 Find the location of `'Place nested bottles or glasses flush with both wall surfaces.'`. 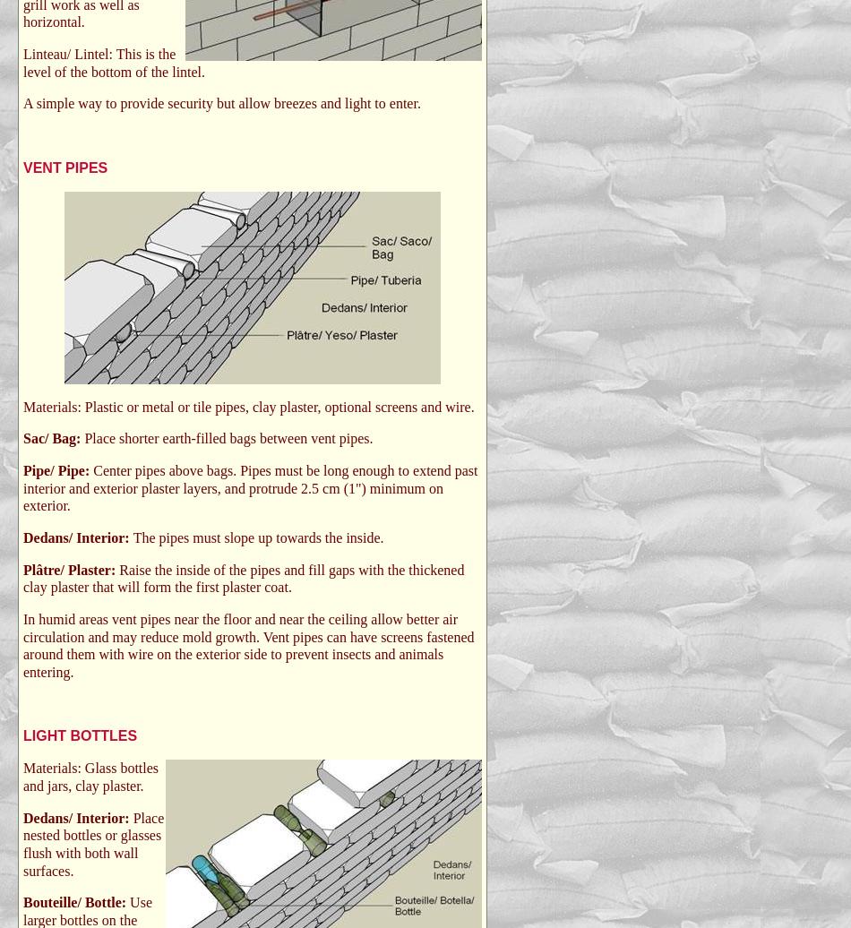

'Place nested bottles or glasses flush with both wall surfaces.' is located at coordinates (93, 844).